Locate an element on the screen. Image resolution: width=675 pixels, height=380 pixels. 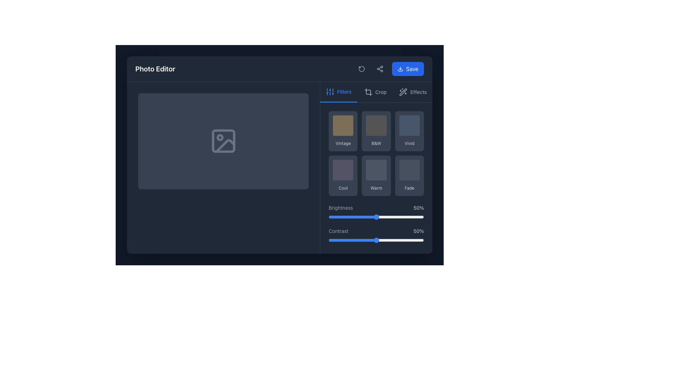
the label for the second filter option in the second row of the color filter grid in the photo editor interface is located at coordinates (376, 188).